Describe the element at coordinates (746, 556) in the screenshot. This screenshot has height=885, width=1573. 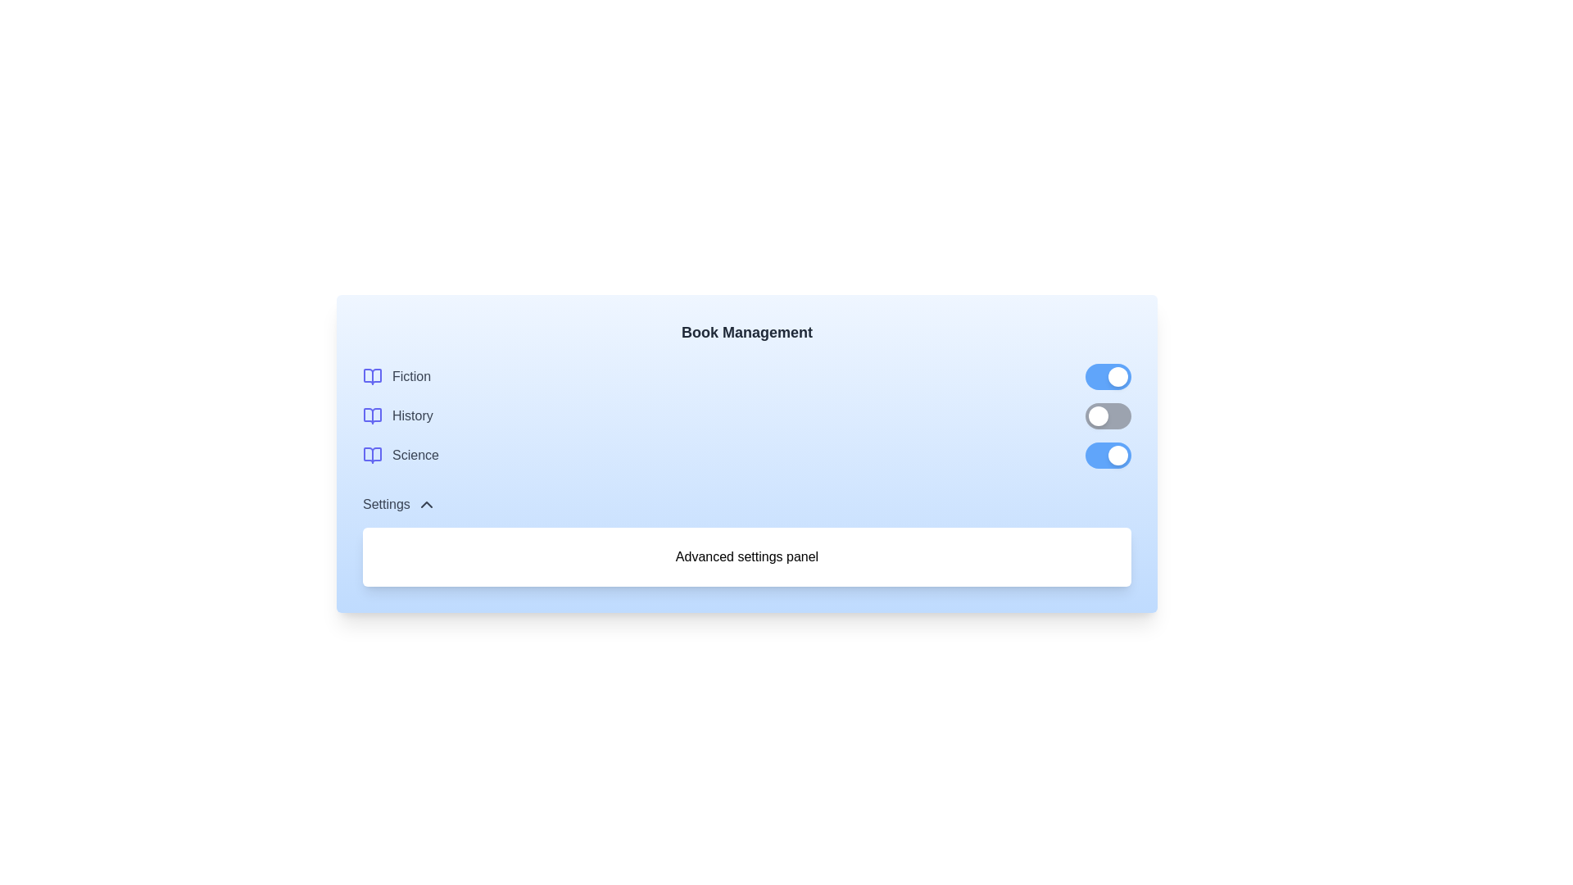
I see `the 'Advanced settings panel' to interact with it` at that location.